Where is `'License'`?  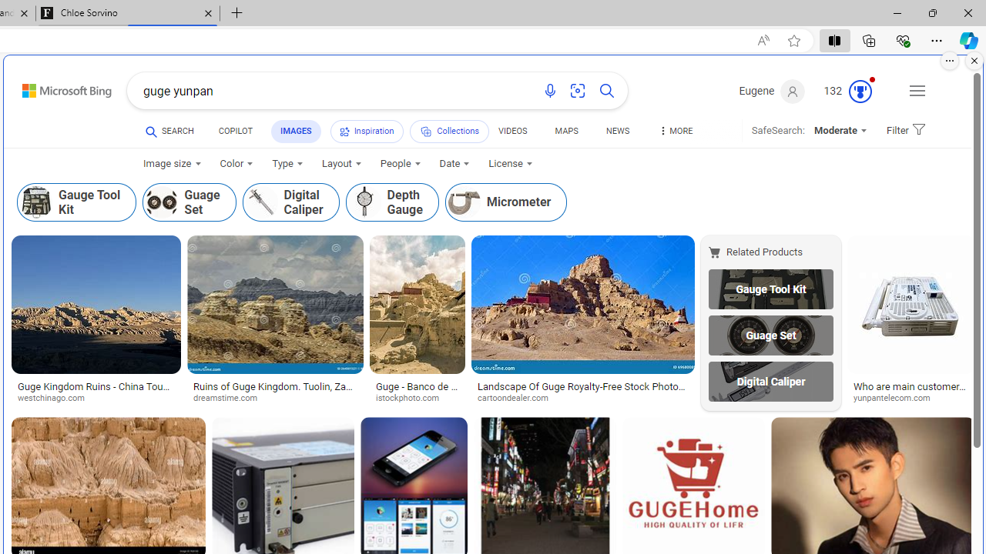 'License' is located at coordinates (511, 164).